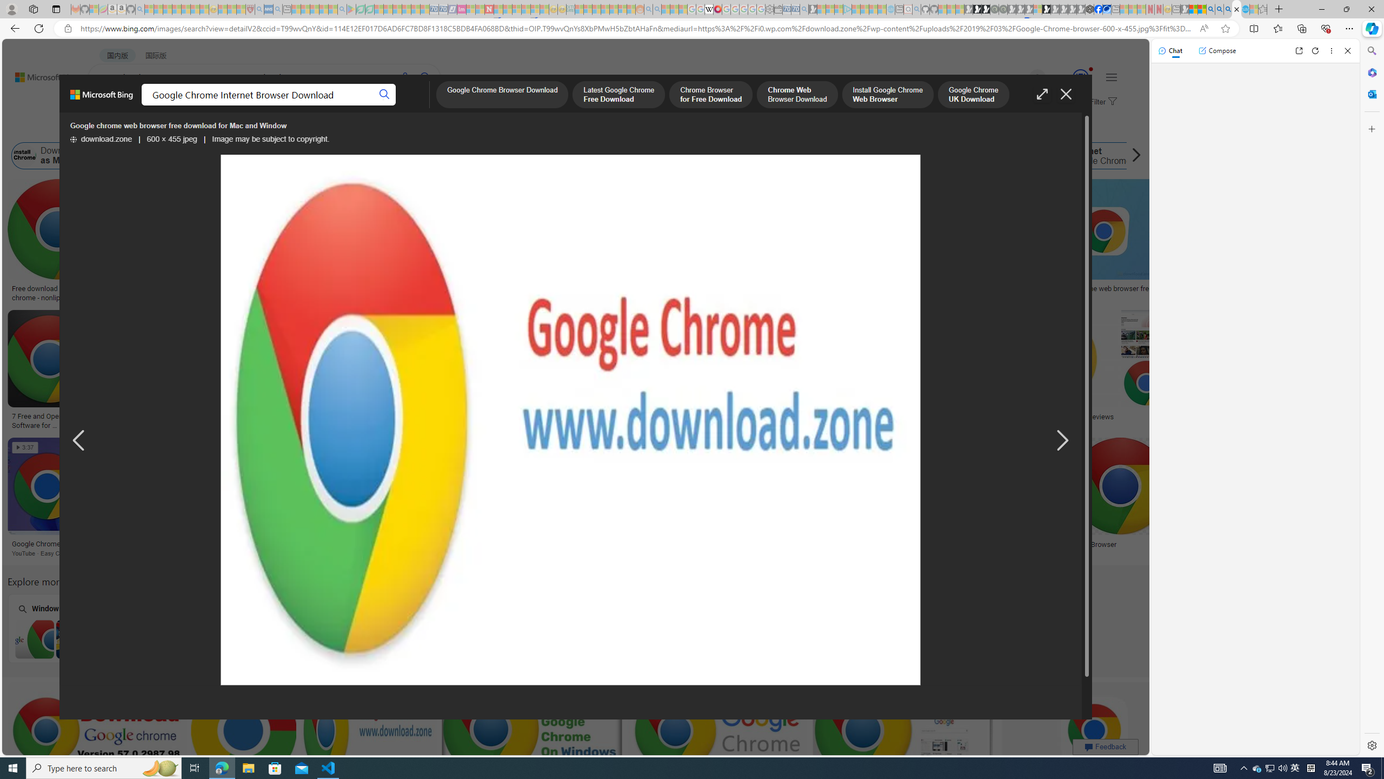 The height and width of the screenshot is (779, 1384). I want to click on 'DICT', so click(387, 105).